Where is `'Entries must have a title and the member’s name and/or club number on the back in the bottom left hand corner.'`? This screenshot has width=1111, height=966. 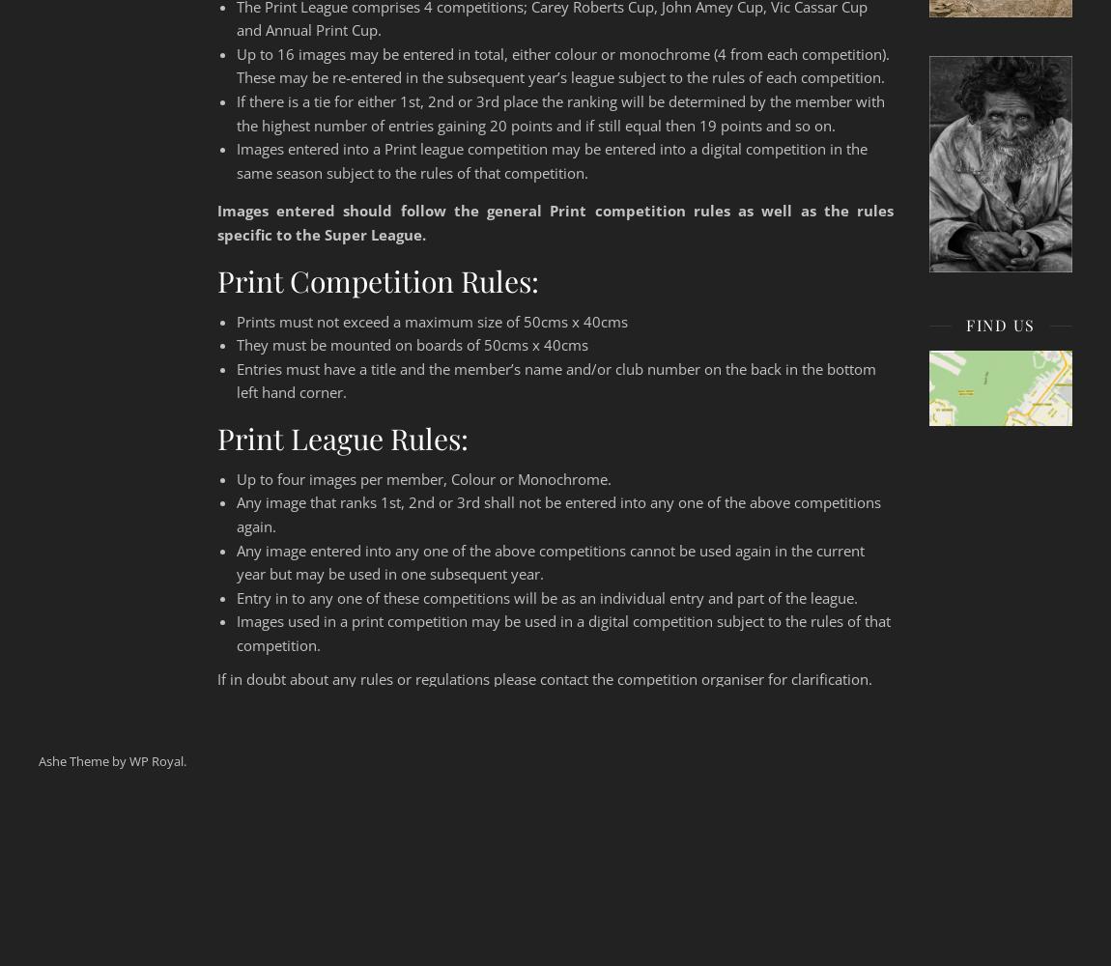 'Entries must have a title and the member’s name and/or club number on the back in the bottom left hand corner.' is located at coordinates (555, 380).